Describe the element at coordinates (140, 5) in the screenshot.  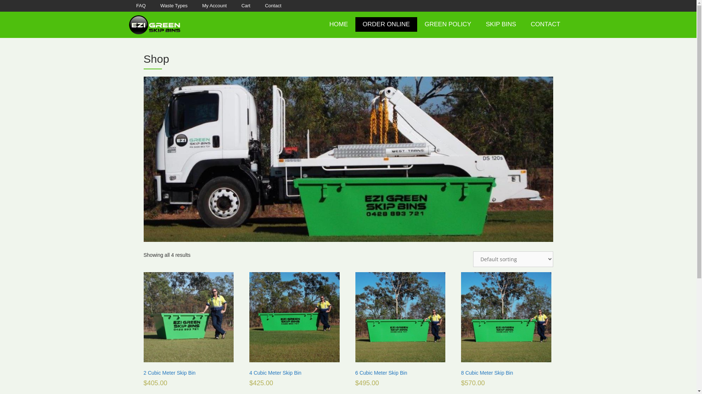
I see `'FAQ'` at that location.